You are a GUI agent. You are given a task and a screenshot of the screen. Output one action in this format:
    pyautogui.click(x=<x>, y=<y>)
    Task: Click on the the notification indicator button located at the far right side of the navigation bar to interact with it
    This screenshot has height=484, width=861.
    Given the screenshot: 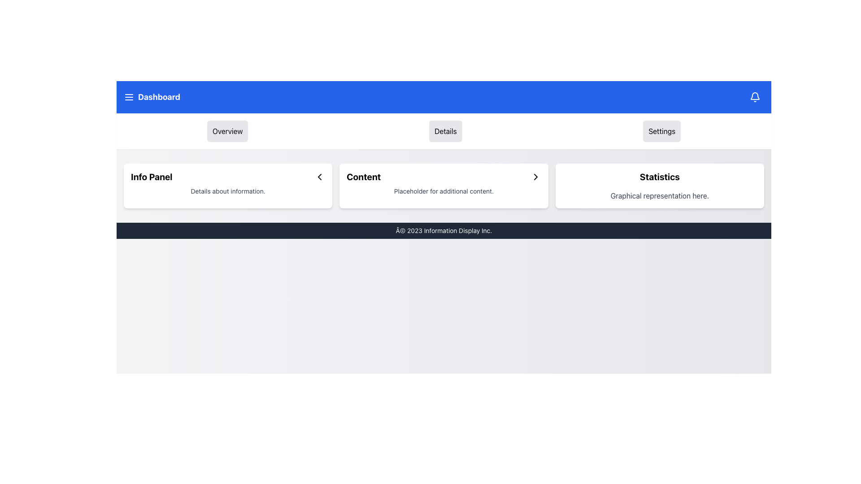 What is the action you would take?
    pyautogui.click(x=755, y=97)
    